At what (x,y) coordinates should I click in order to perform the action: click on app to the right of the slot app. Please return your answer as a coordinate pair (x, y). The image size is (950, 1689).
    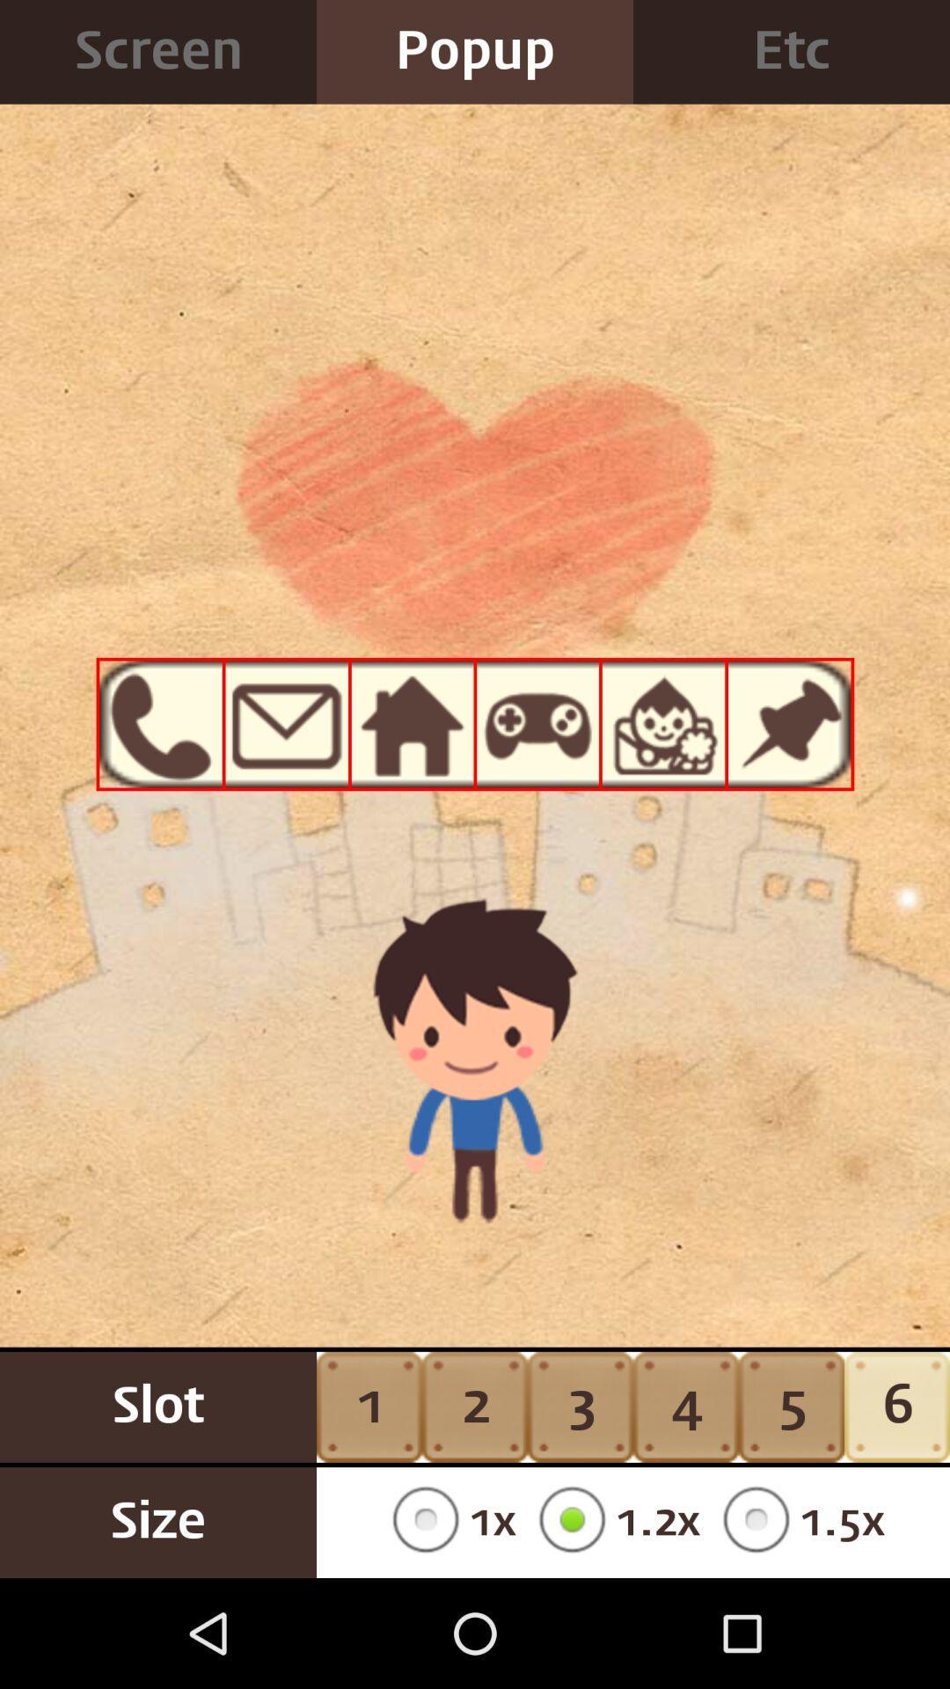
    Looking at the image, I should click on (447, 1522).